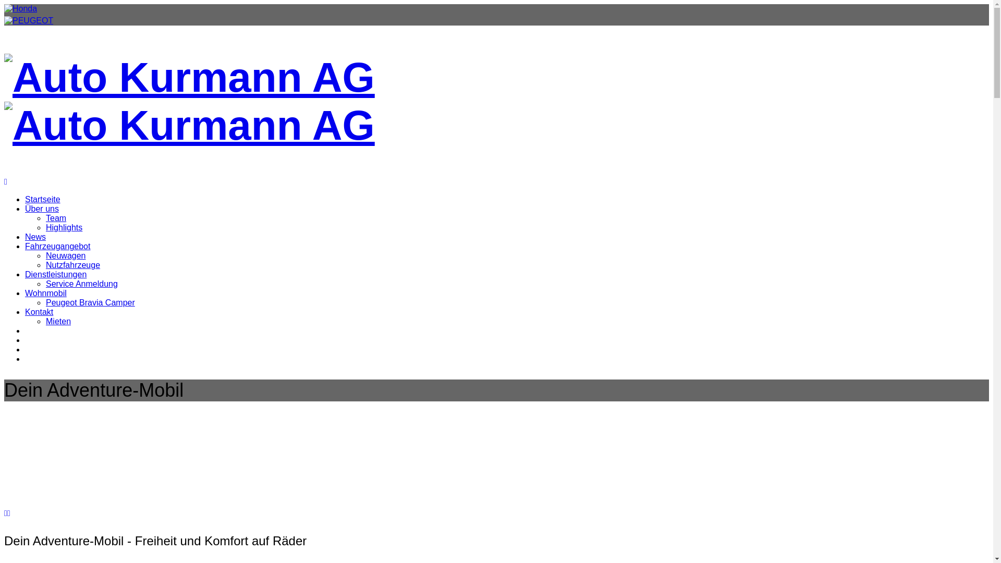 The width and height of the screenshot is (1001, 563). I want to click on 'News', so click(35, 237).